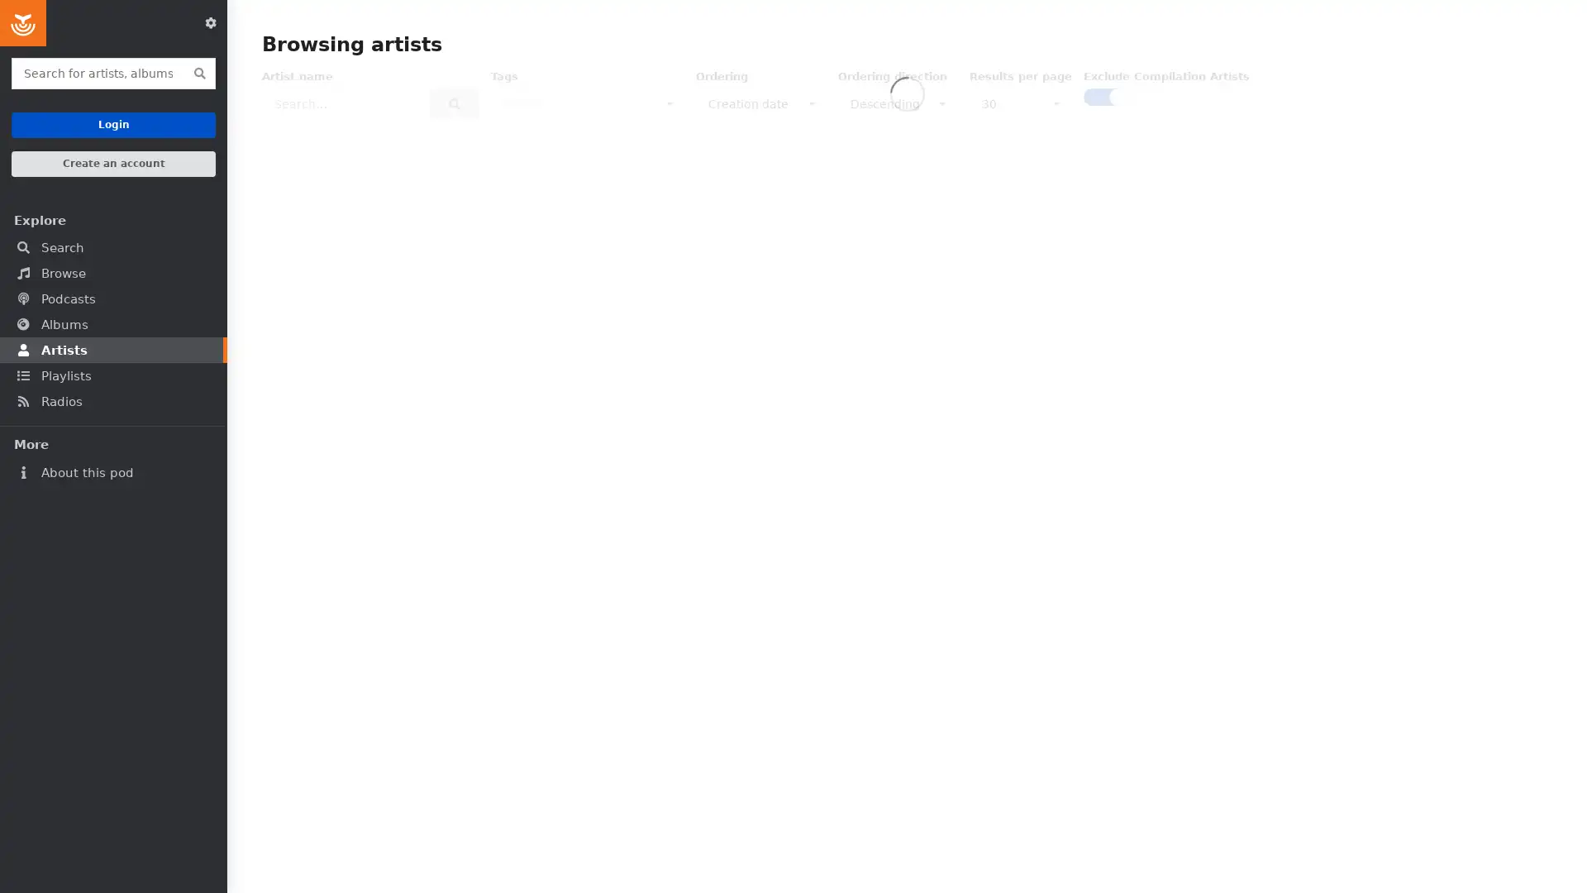 This screenshot has width=1587, height=893. What do you see at coordinates (1296, 569) in the screenshot?
I see `Play artist` at bounding box center [1296, 569].